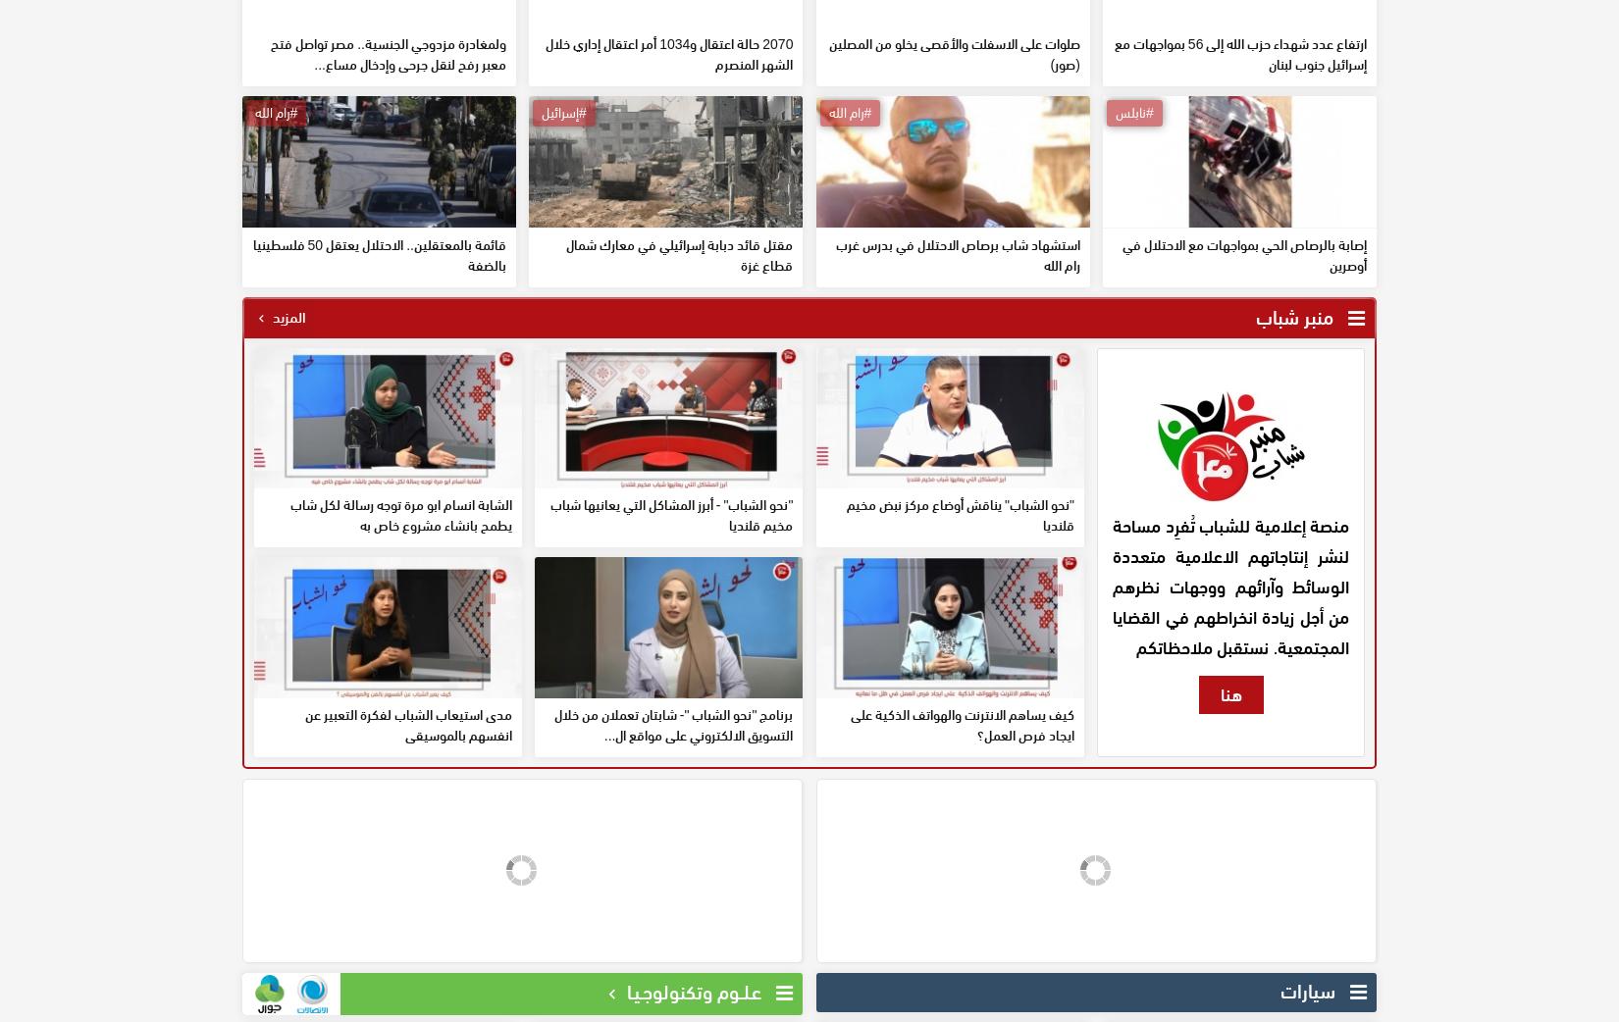  What do you see at coordinates (1229, 726) in the screenshot?
I see `'منصة إعلامية للشباب تُفرِد مساحة لنشر إنتاجاتهم الاعلامية متعددة الوسائط وآرائهم ووجهات نظرهم من أجل زيادة انخراطهم في القضايا المجتمعية.
نستقبل ملاحظاتكم'` at bounding box center [1229, 726].